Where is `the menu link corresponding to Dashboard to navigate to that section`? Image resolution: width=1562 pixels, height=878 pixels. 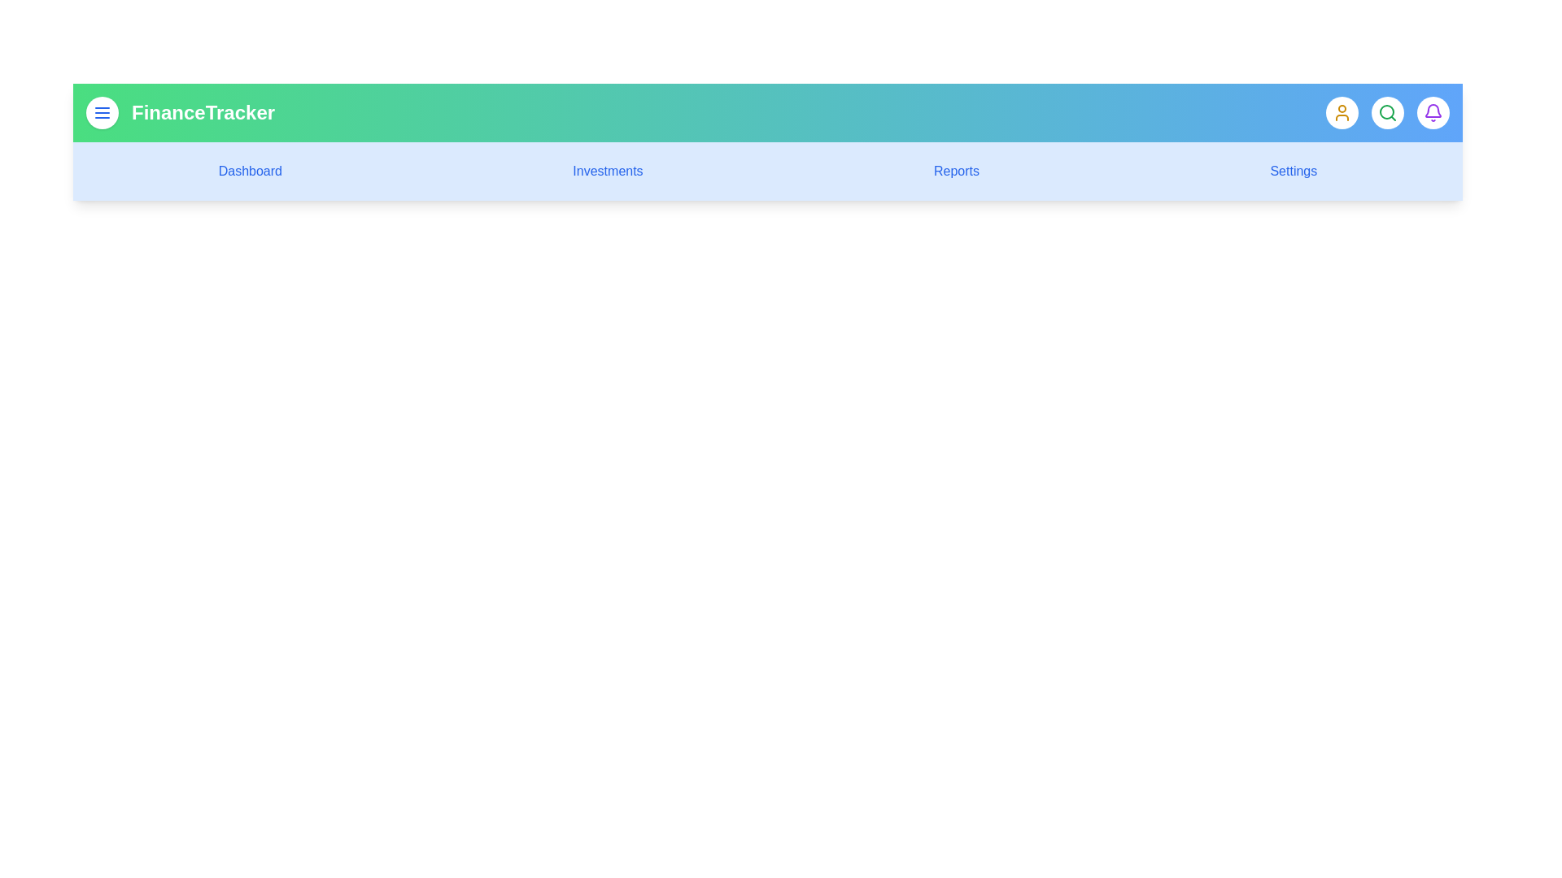 the menu link corresponding to Dashboard to navigate to that section is located at coordinates (249, 172).